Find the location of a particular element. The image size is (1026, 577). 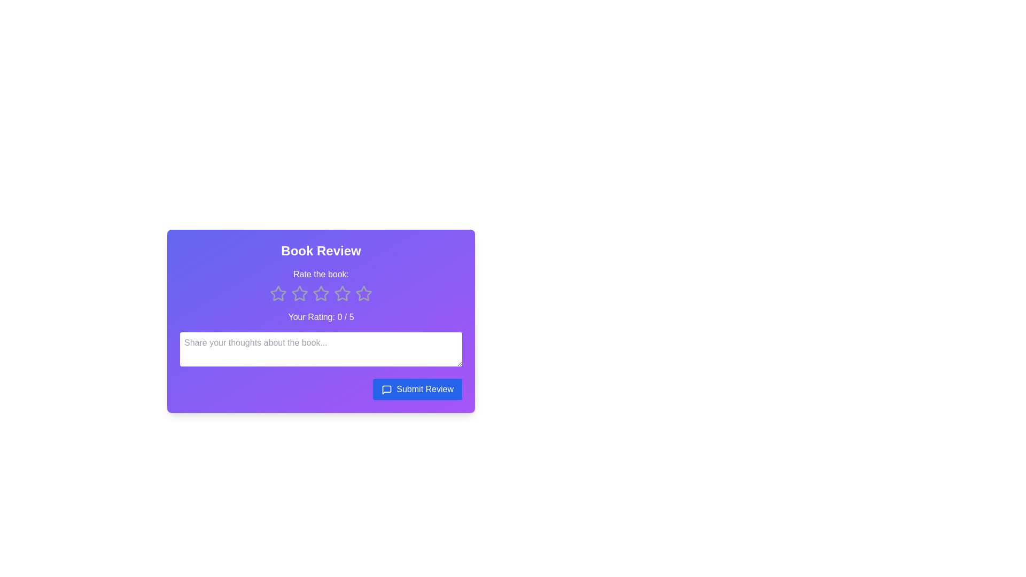

the center of the text input field to focus on it is located at coordinates (320, 349).